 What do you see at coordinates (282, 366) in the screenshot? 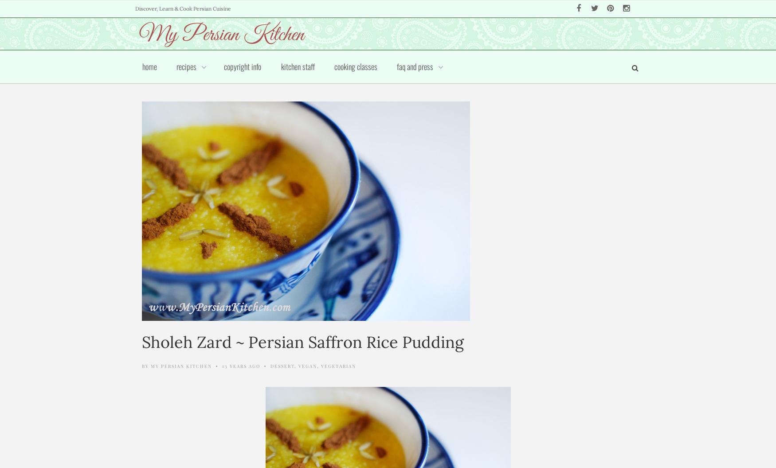
I see `'Dessert'` at bounding box center [282, 366].